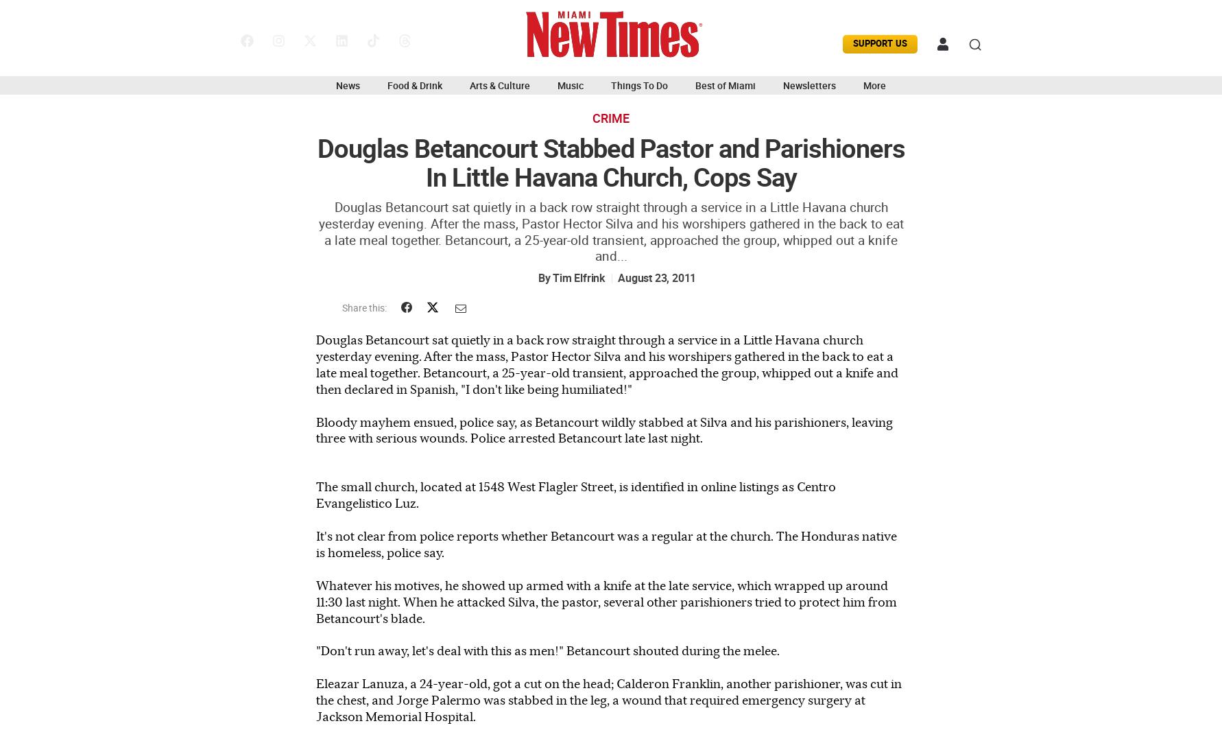 Image resolution: width=1222 pixels, height=730 pixels. Describe the element at coordinates (548, 650) in the screenshot. I see `'"Don't run away, let's deal with this as men!" Betancourt shouted during the melee.'` at that location.